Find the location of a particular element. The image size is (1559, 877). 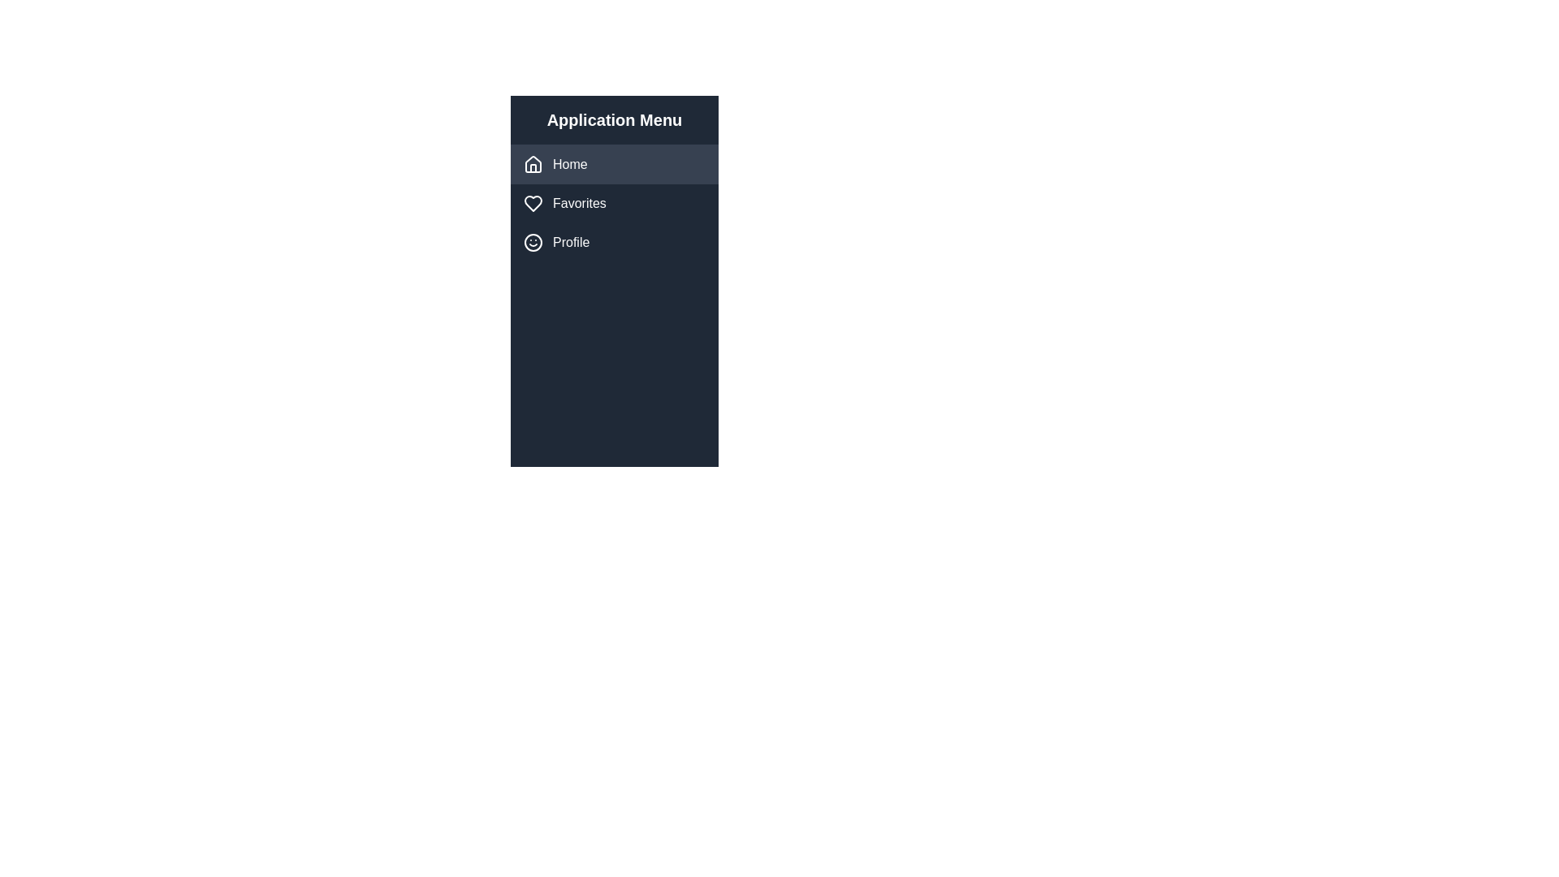

the 'Home' navigation button located at the top of the vertical navigation menu on the left side of the application is located at coordinates (614, 165).